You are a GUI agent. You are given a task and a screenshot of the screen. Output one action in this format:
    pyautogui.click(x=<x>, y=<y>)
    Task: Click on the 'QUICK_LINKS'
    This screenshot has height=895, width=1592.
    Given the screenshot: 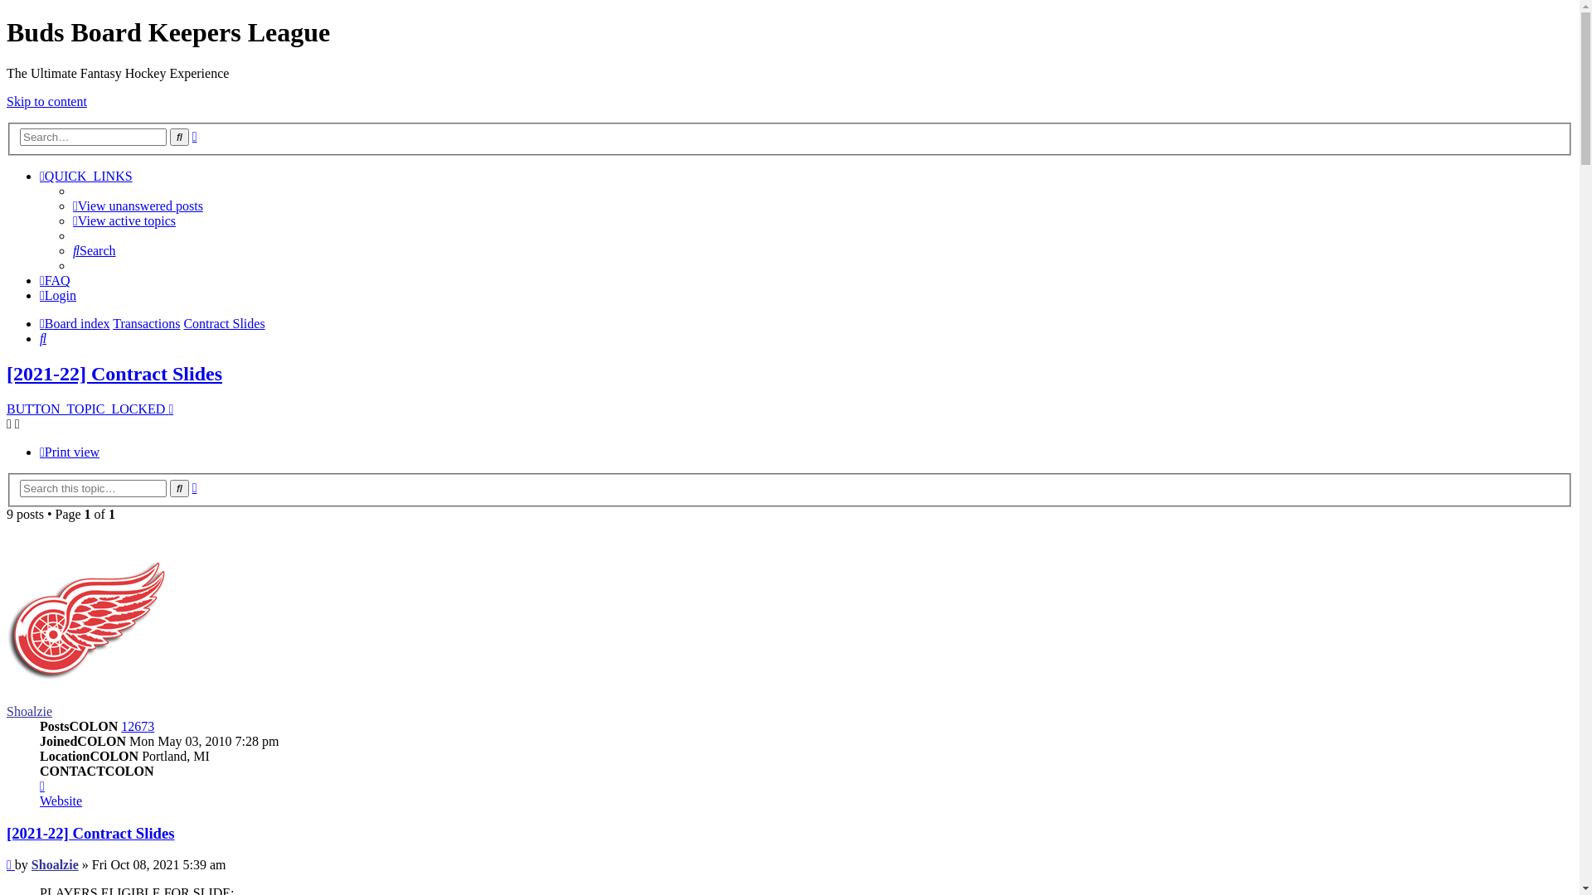 What is the action you would take?
    pyautogui.click(x=85, y=176)
    